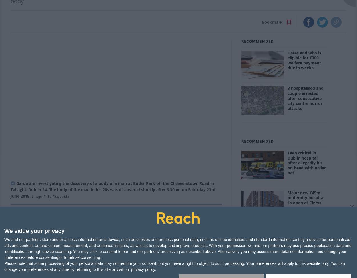 The width and height of the screenshot is (357, 278). I want to click on 'More Newsletters', so click(192, 211).